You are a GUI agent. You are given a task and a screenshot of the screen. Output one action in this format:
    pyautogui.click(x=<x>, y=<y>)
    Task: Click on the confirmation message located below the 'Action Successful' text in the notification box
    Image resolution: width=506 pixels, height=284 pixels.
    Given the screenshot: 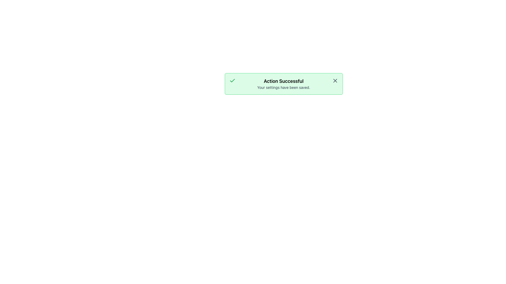 What is the action you would take?
    pyautogui.click(x=283, y=87)
    